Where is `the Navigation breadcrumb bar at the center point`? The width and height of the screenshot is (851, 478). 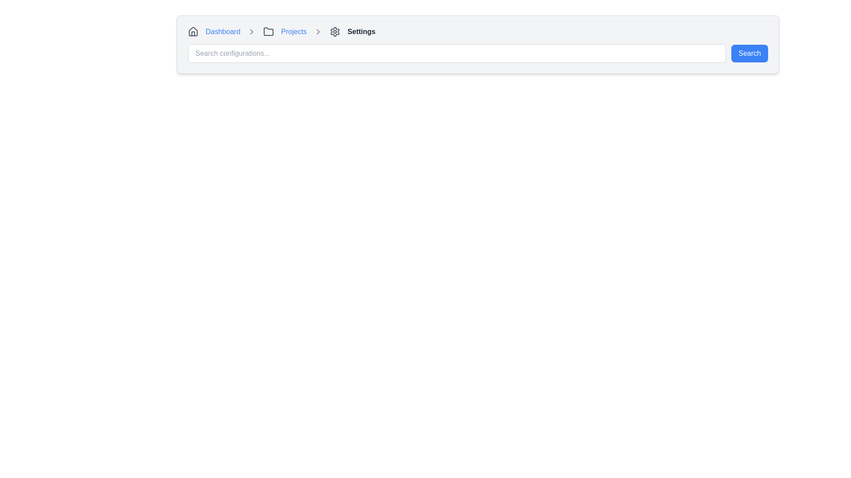
the Navigation breadcrumb bar at the center point is located at coordinates (477, 31).